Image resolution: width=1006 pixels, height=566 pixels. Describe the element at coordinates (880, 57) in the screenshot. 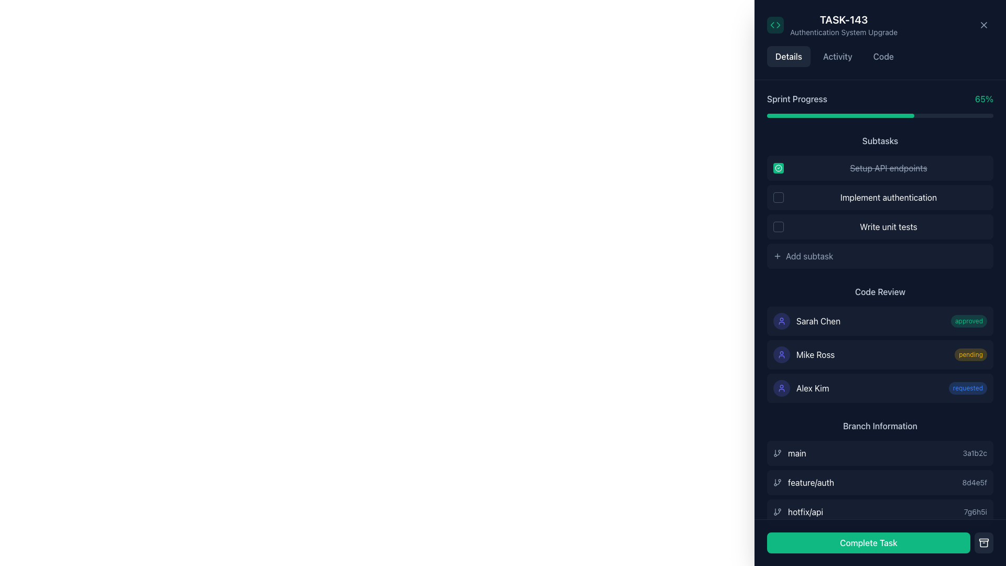

I see `the inactive tab in the Navigation tab group located below the task title 'TASK-143 Authentication System Upgrade'` at that location.